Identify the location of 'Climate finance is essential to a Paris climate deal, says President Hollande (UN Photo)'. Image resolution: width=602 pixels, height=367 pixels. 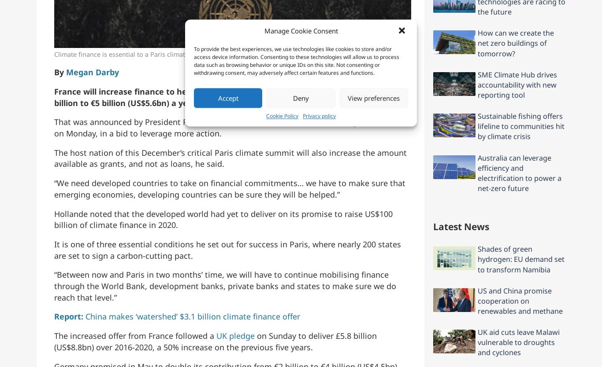
(183, 53).